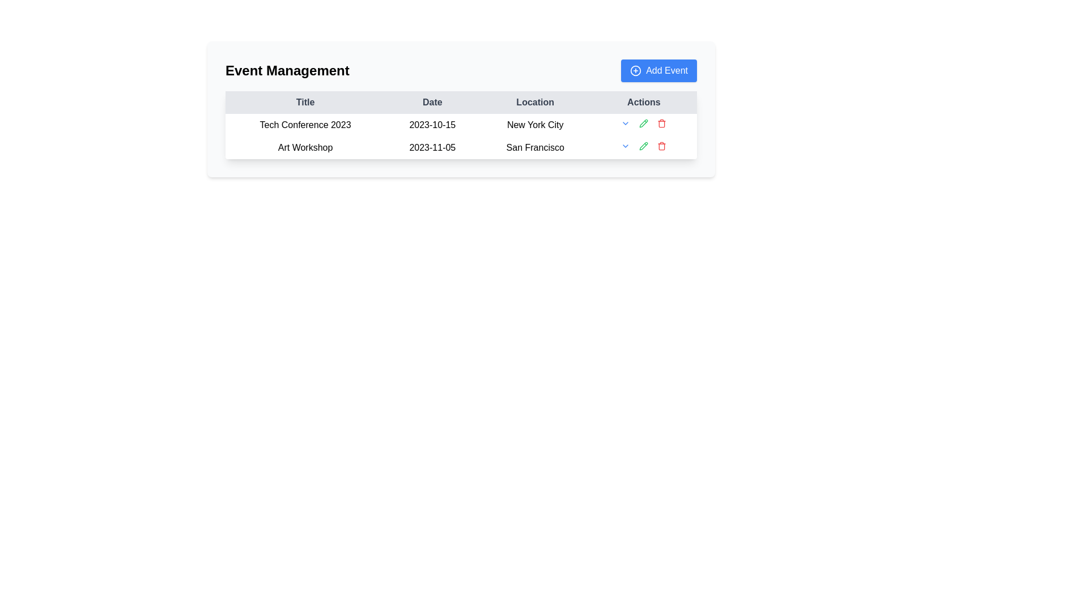  I want to click on the delete button in the 'Actions' column of the first row in the table to initiate the delete action, so click(662, 124).